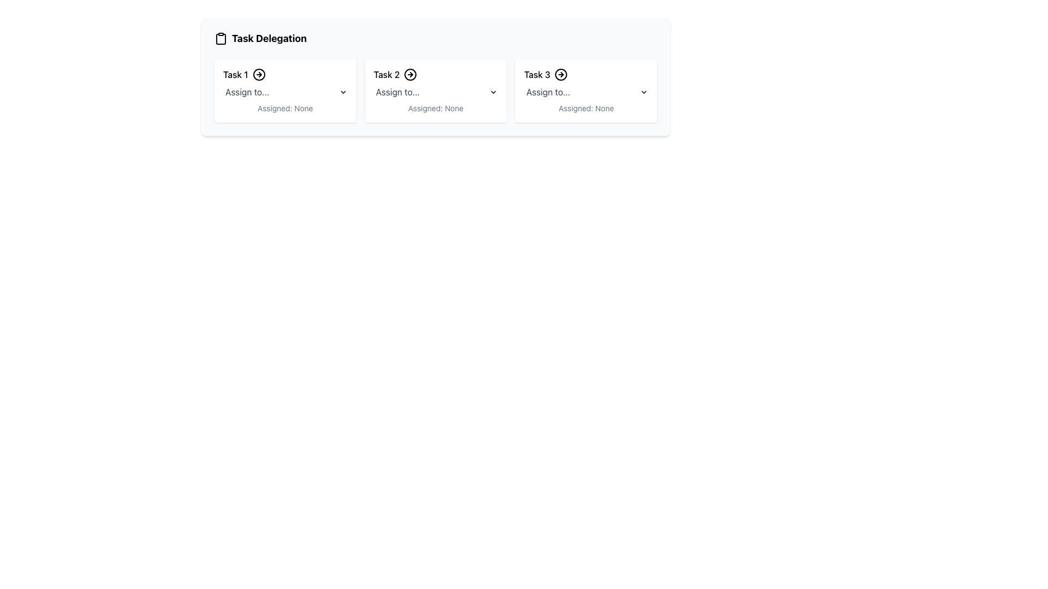 The width and height of the screenshot is (1048, 589). I want to click on the circular icon containing a right-facing arrow located within the 'Task 2' group, positioned to the right of the 'Task 2' label, so click(410, 74).